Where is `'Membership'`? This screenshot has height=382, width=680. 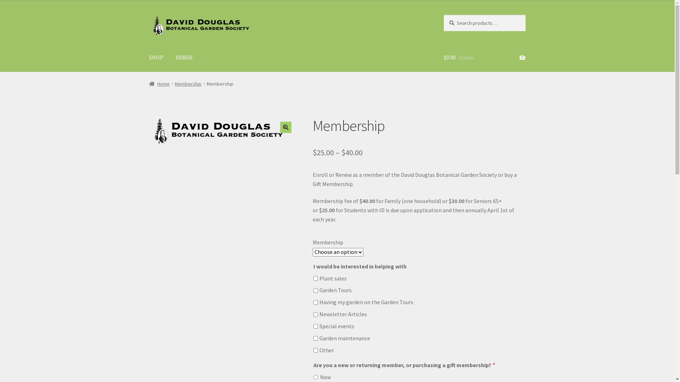 'Membership' is located at coordinates (188, 83).